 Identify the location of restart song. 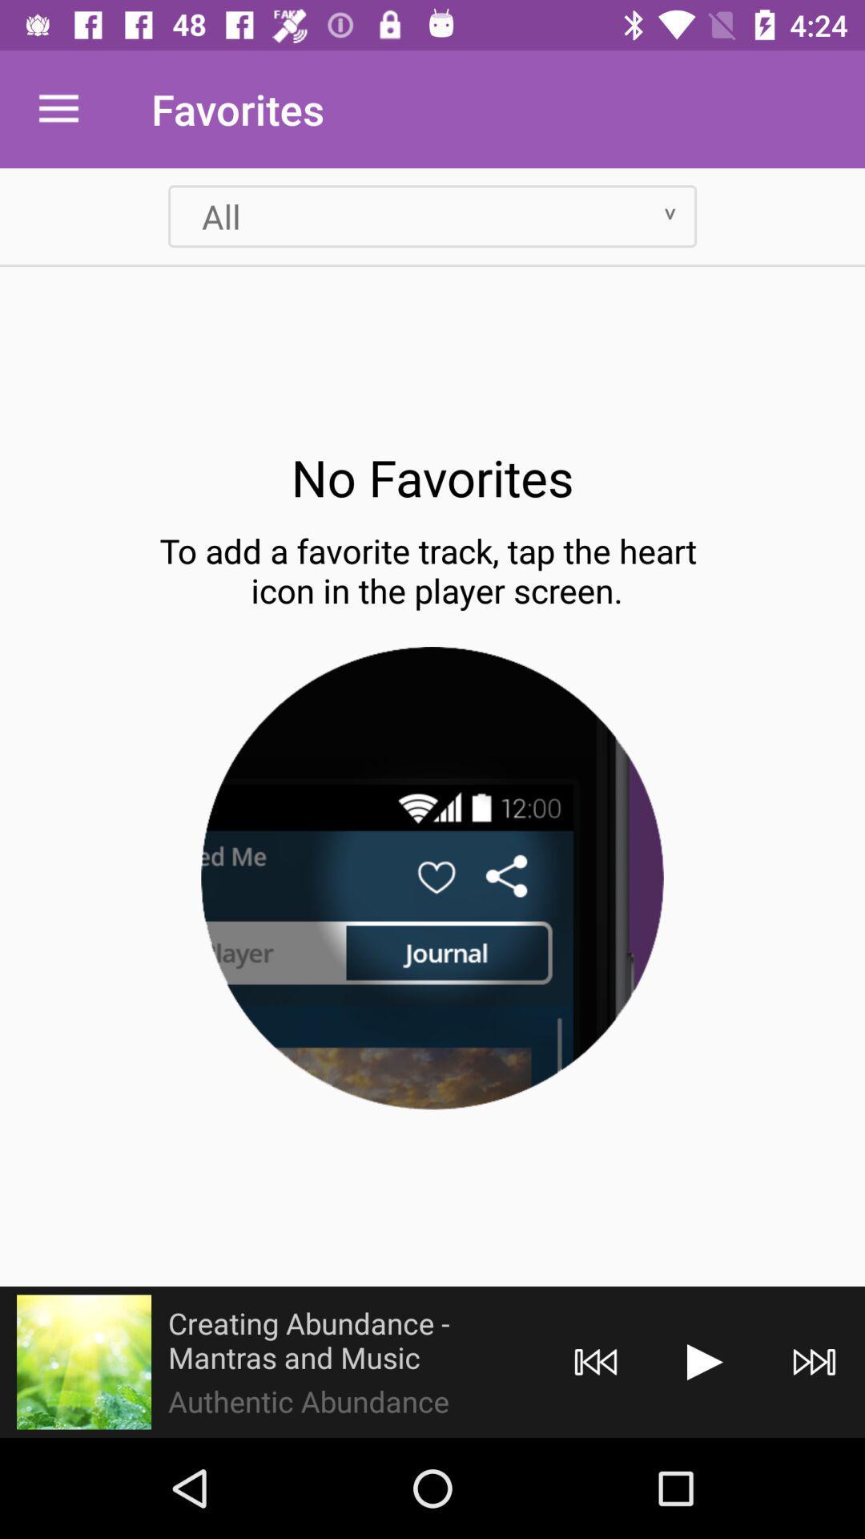
(596, 1361).